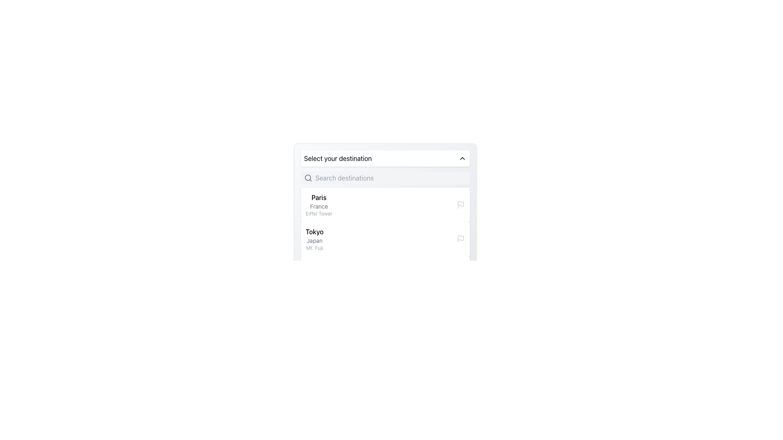  What do you see at coordinates (314, 240) in the screenshot?
I see `the text label containing the word 'Japan', which is positioned directly beneath the 'Tokyo' label and above the 'Mt. Fuji' label` at bounding box center [314, 240].